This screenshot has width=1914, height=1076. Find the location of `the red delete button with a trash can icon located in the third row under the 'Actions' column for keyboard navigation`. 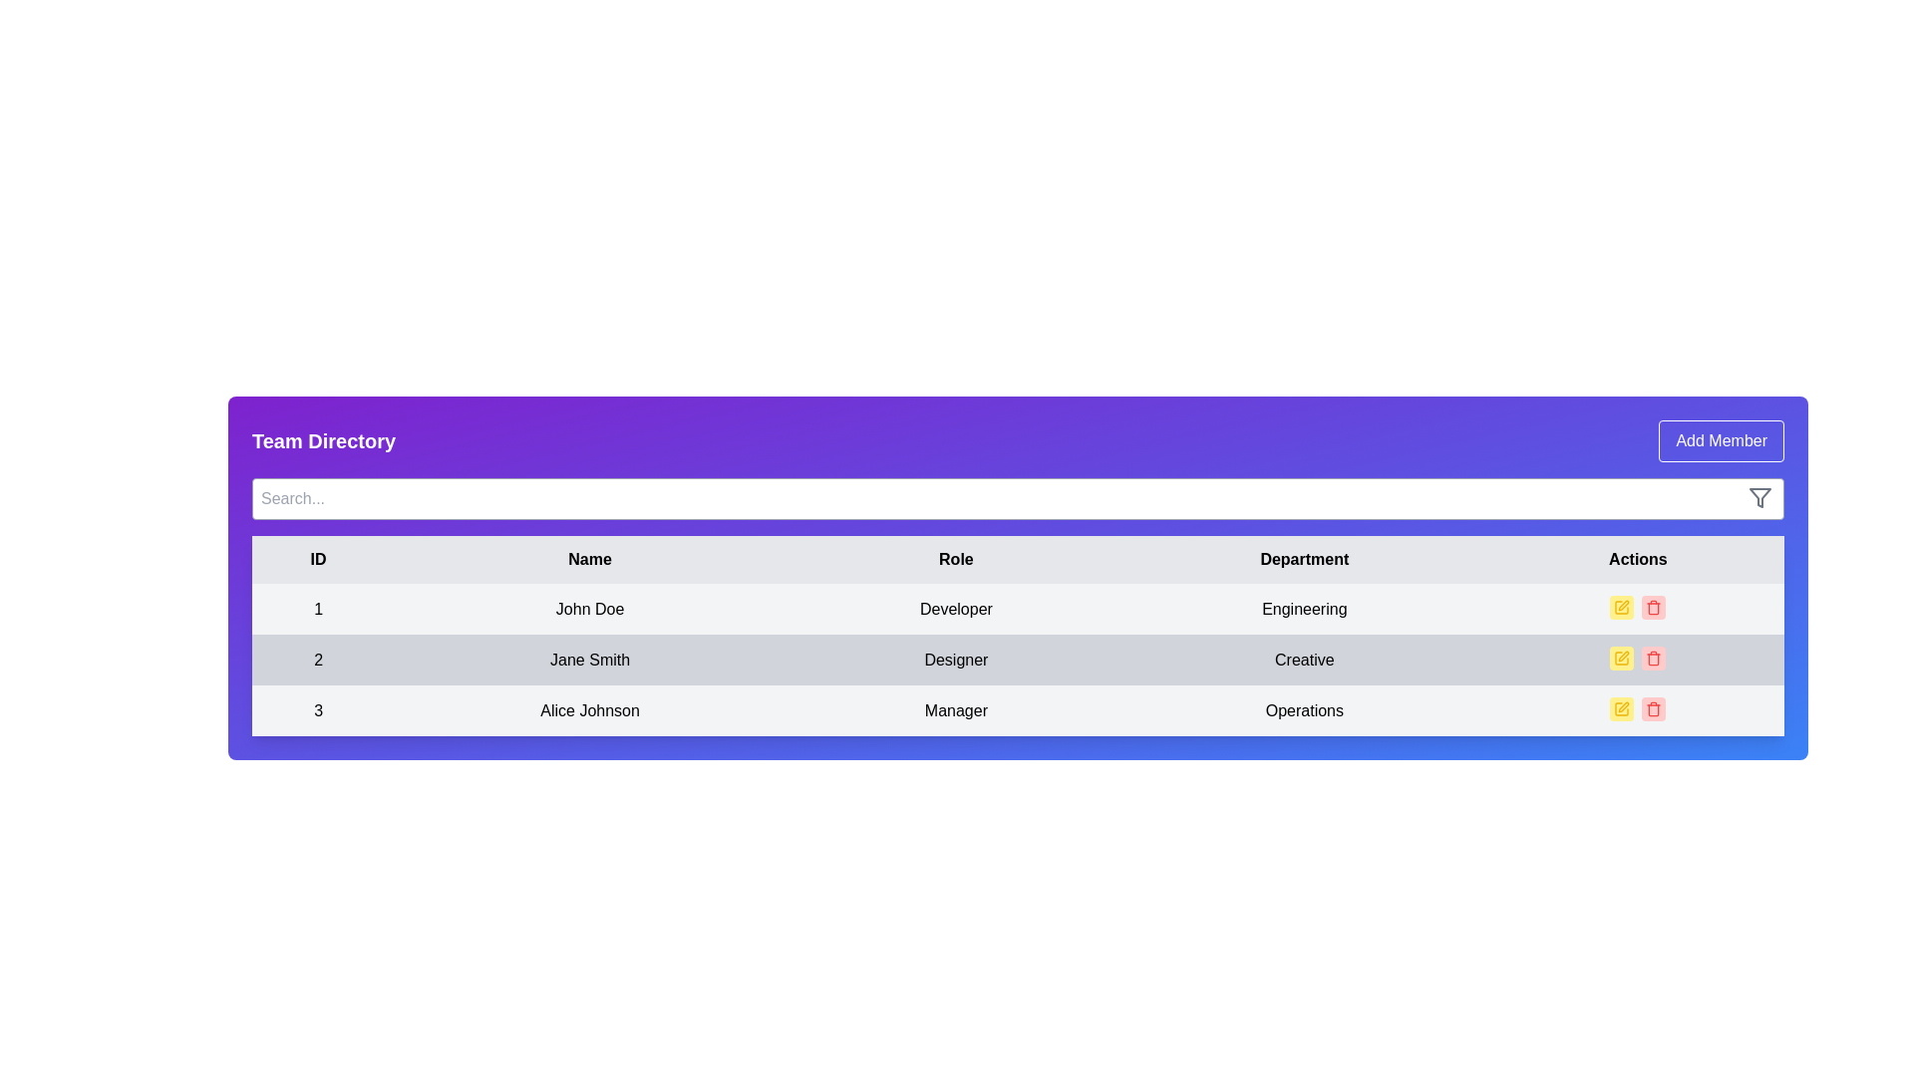

the red delete button with a trash can icon located in the third row under the 'Actions' column for keyboard navigation is located at coordinates (1654, 708).